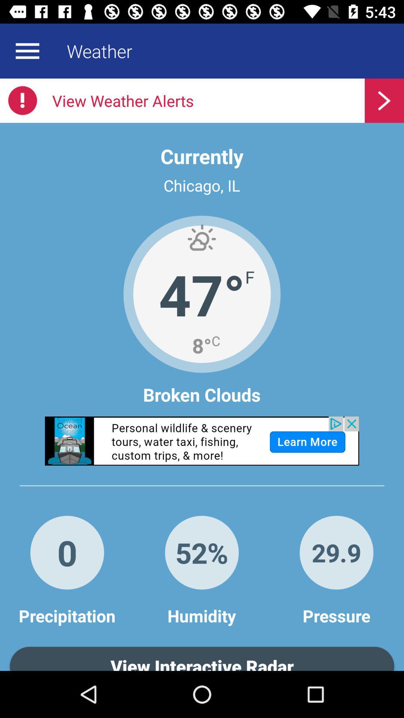  What do you see at coordinates (27, 50) in the screenshot?
I see `more options` at bounding box center [27, 50].